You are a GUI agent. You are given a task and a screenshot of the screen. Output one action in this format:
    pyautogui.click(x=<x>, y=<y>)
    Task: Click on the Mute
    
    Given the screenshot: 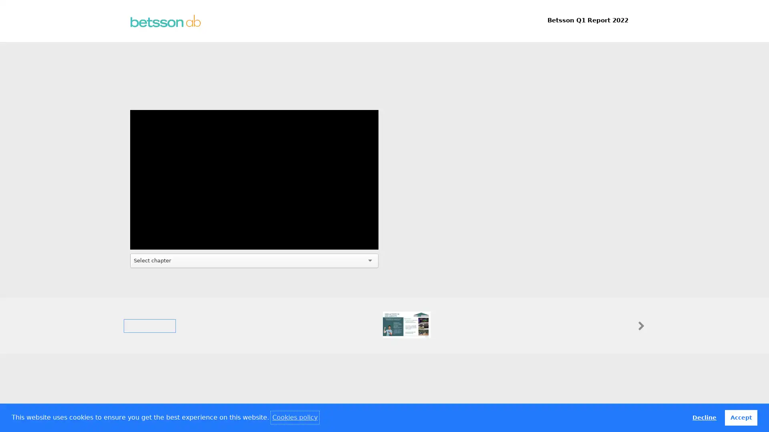 What is the action you would take?
    pyautogui.click(x=154, y=237)
    